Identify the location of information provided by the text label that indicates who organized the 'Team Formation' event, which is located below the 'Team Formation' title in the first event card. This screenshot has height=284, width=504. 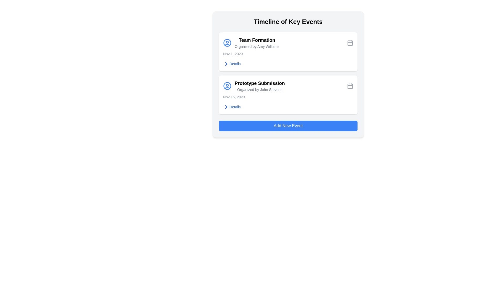
(257, 46).